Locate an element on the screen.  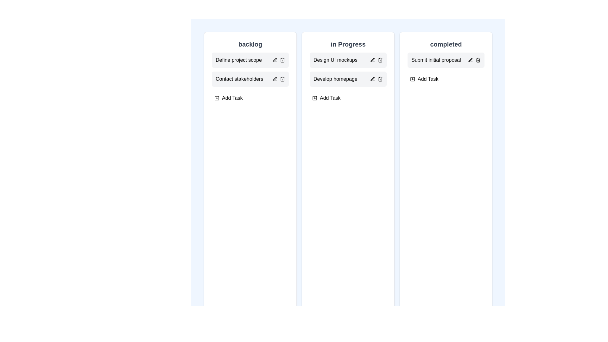
the 'Add Task' button in the backlog column is located at coordinates (228, 98).